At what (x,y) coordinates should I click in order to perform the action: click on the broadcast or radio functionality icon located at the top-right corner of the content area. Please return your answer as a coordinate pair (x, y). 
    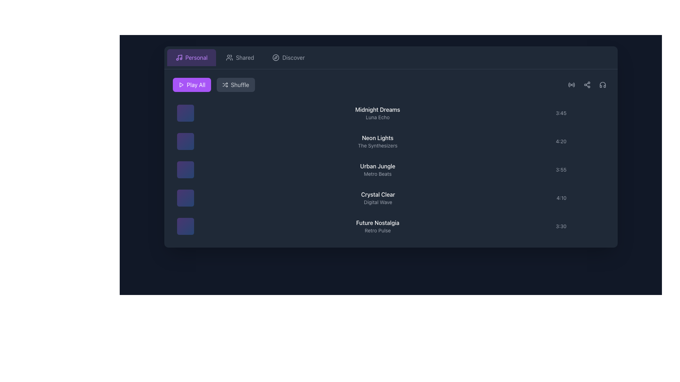
    Looking at the image, I should click on (571, 84).